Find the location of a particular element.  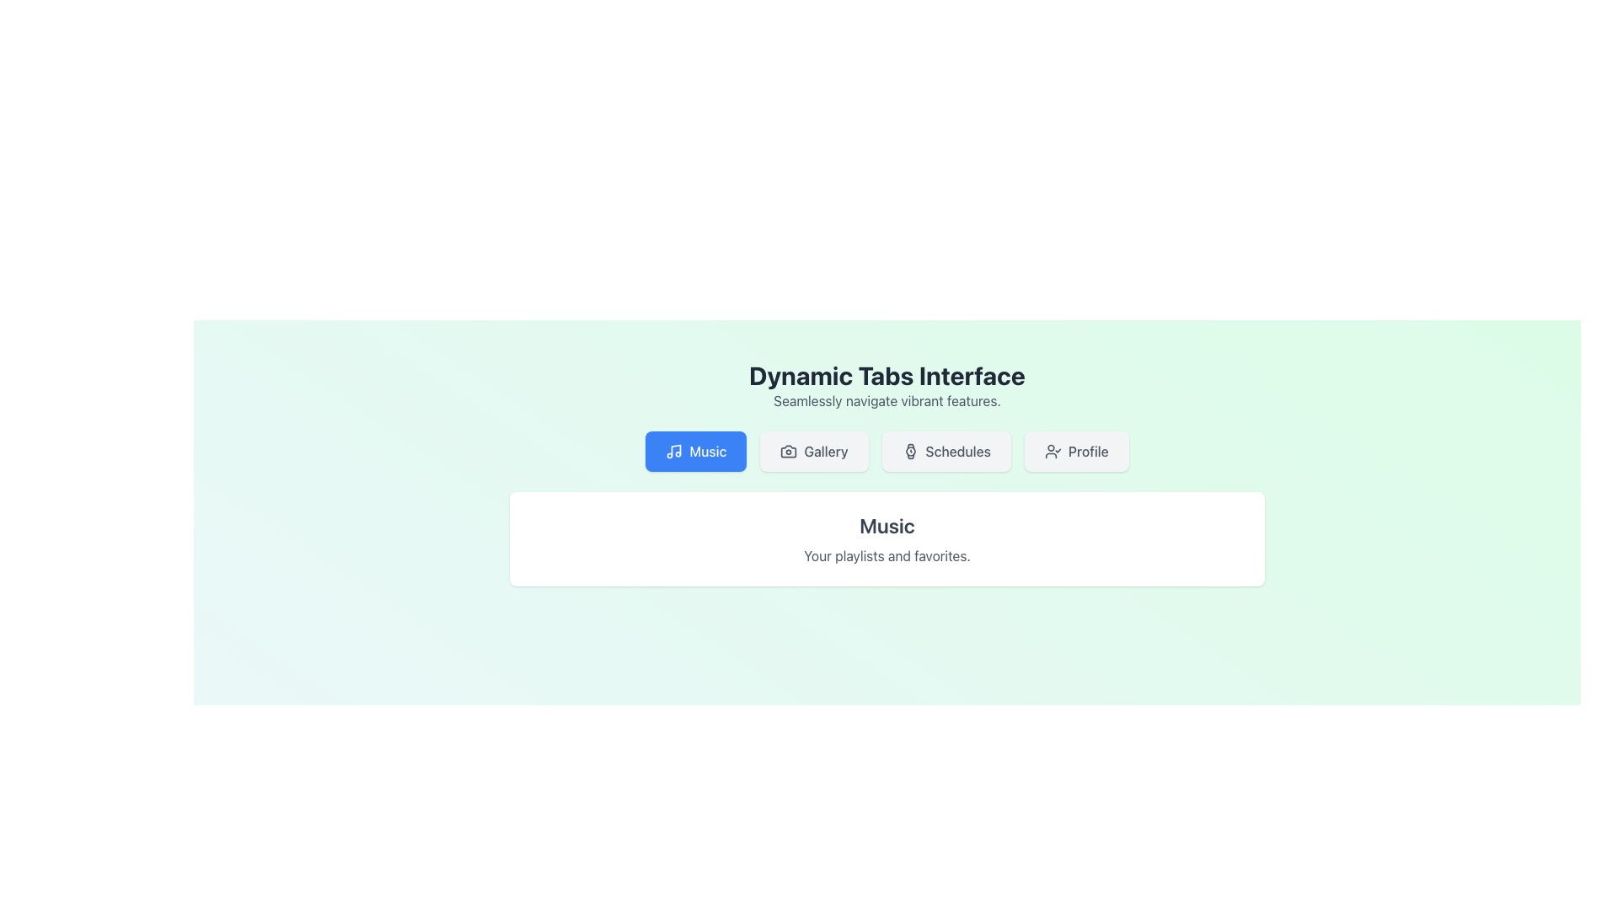

the 'Profile' button, which is a rectangular button with a light gray background and an icon of a user with a checkmark is located at coordinates (1075, 451).